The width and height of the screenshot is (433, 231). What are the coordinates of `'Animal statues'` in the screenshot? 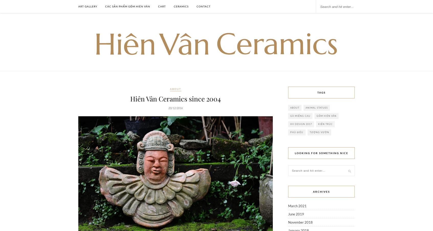 It's located at (317, 108).